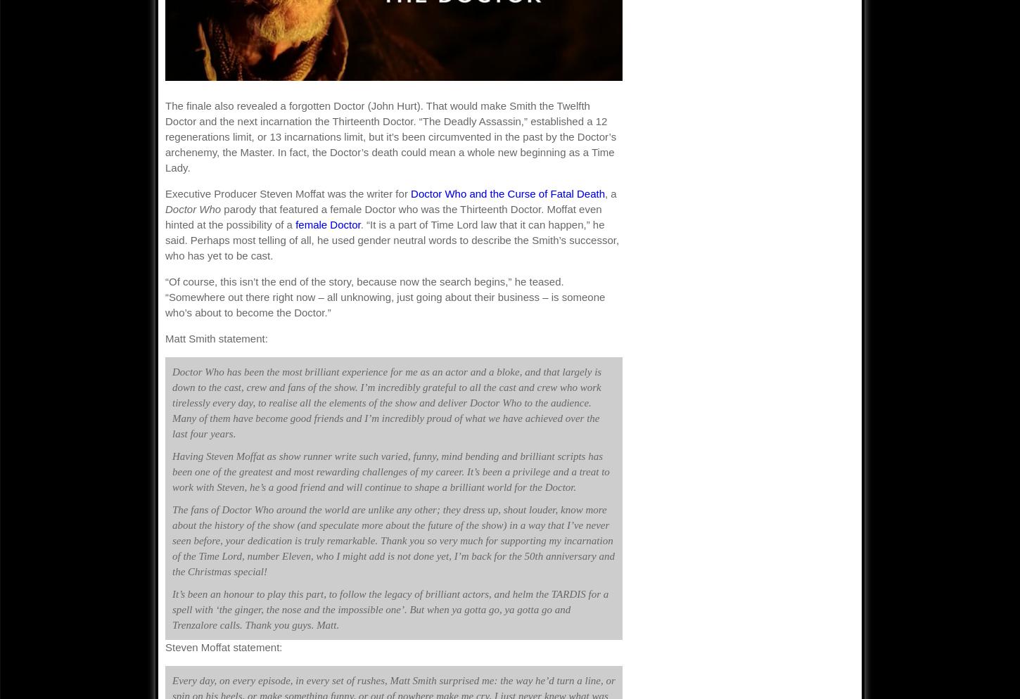 Image resolution: width=1020 pixels, height=699 pixels. Describe the element at coordinates (216, 338) in the screenshot. I see `'Matt Smith statement:'` at that location.